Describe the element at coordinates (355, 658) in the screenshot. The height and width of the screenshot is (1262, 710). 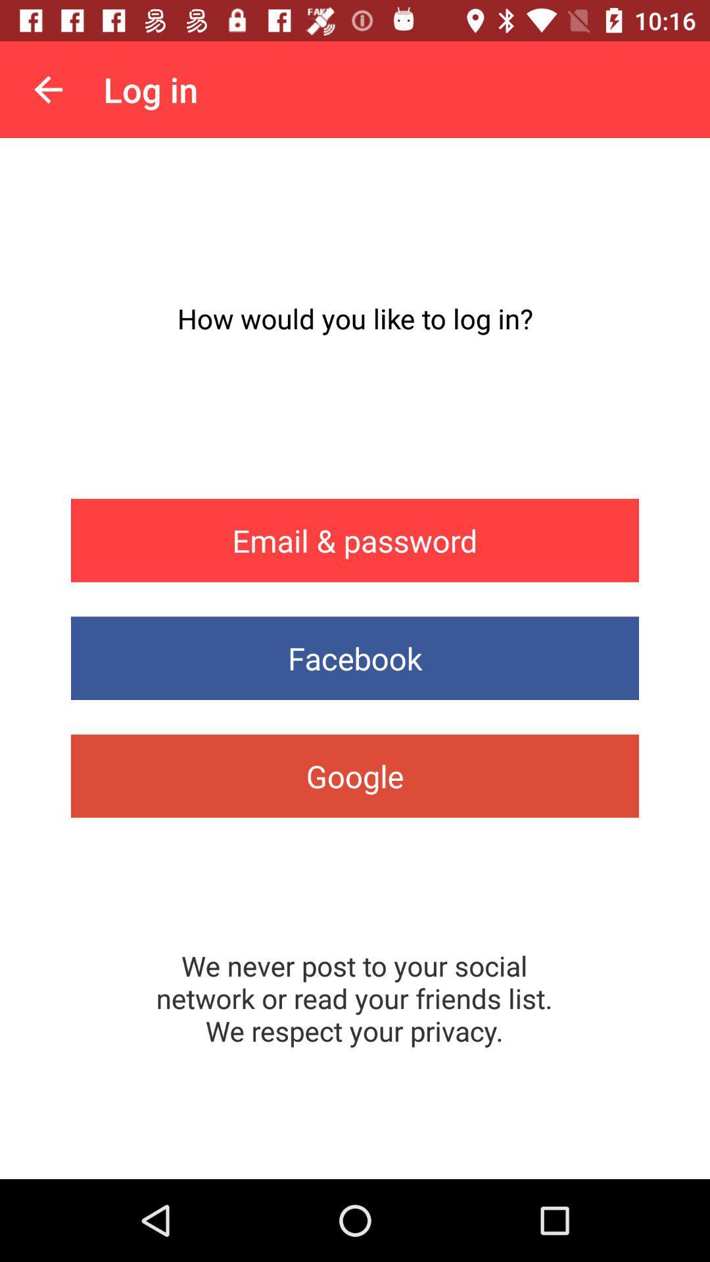
I see `facebook app` at that location.